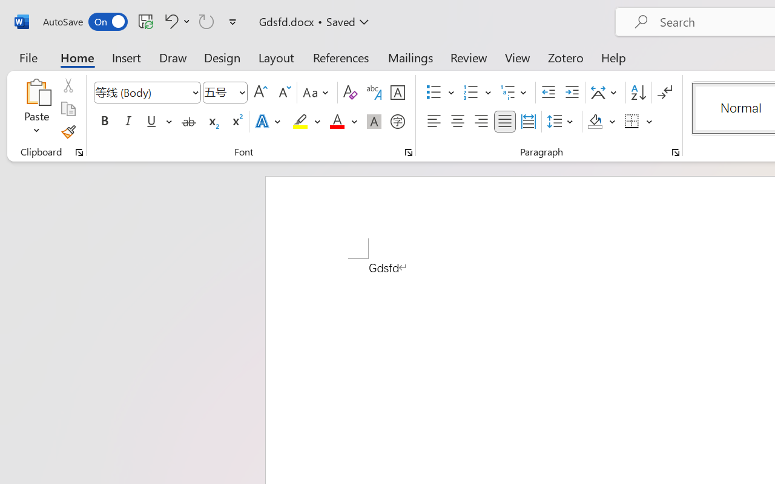  What do you see at coordinates (638, 93) in the screenshot?
I see `'Sort...'` at bounding box center [638, 93].